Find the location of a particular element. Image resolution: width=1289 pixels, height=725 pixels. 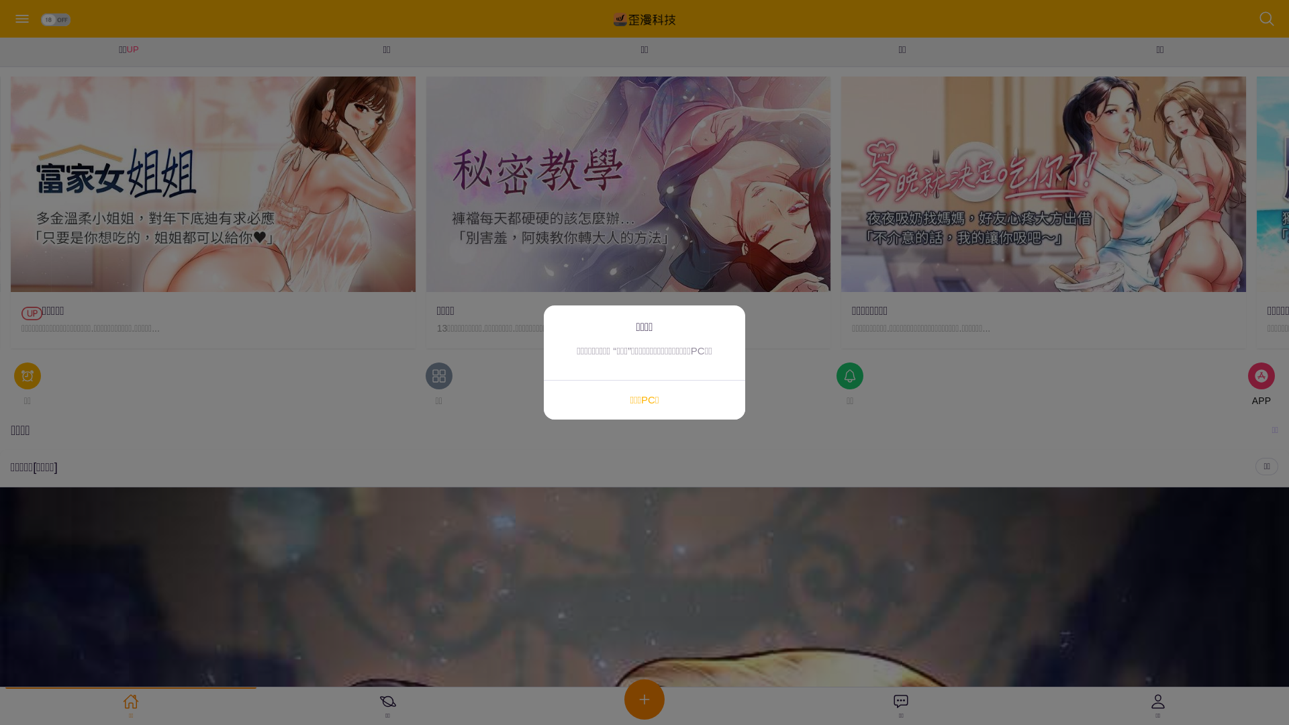

'APP' is located at coordinates (1260, 385).